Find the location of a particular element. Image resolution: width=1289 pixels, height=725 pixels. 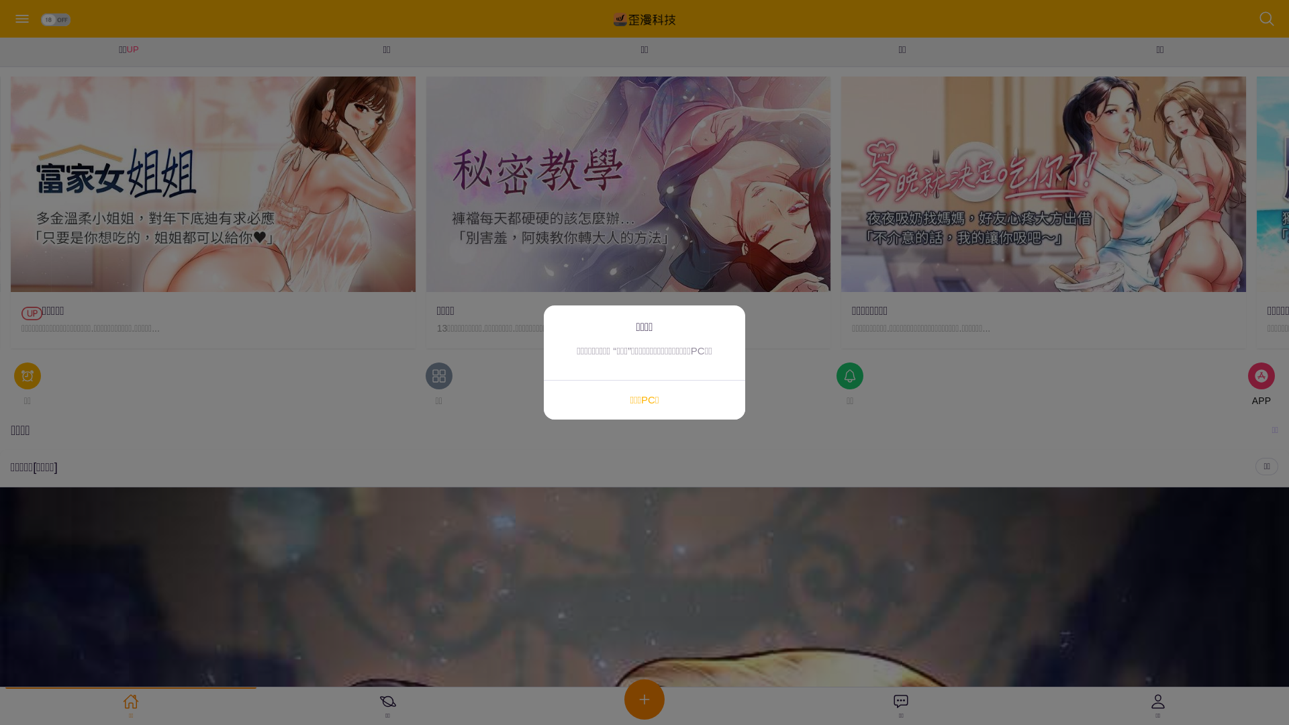

'APP' is located at coordinates (1260, 385).